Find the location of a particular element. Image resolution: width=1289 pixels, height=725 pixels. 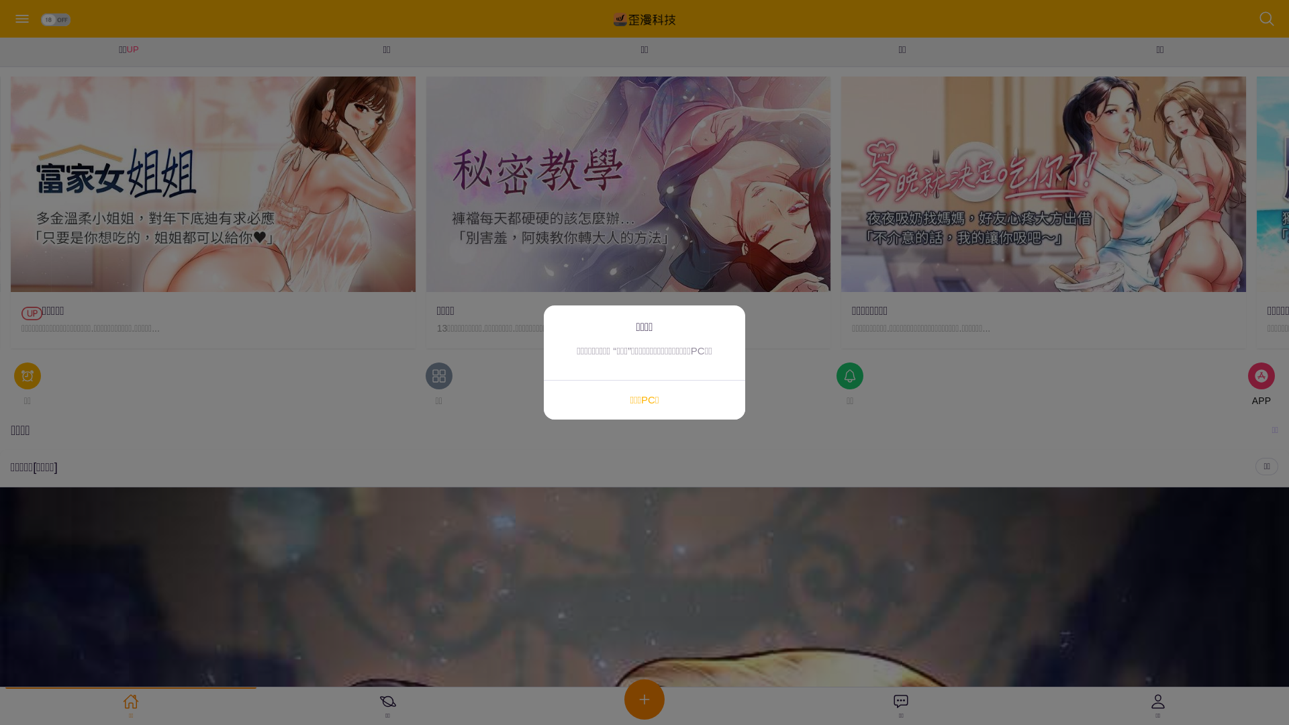

'APP' is located at coordinates (1260, 385).